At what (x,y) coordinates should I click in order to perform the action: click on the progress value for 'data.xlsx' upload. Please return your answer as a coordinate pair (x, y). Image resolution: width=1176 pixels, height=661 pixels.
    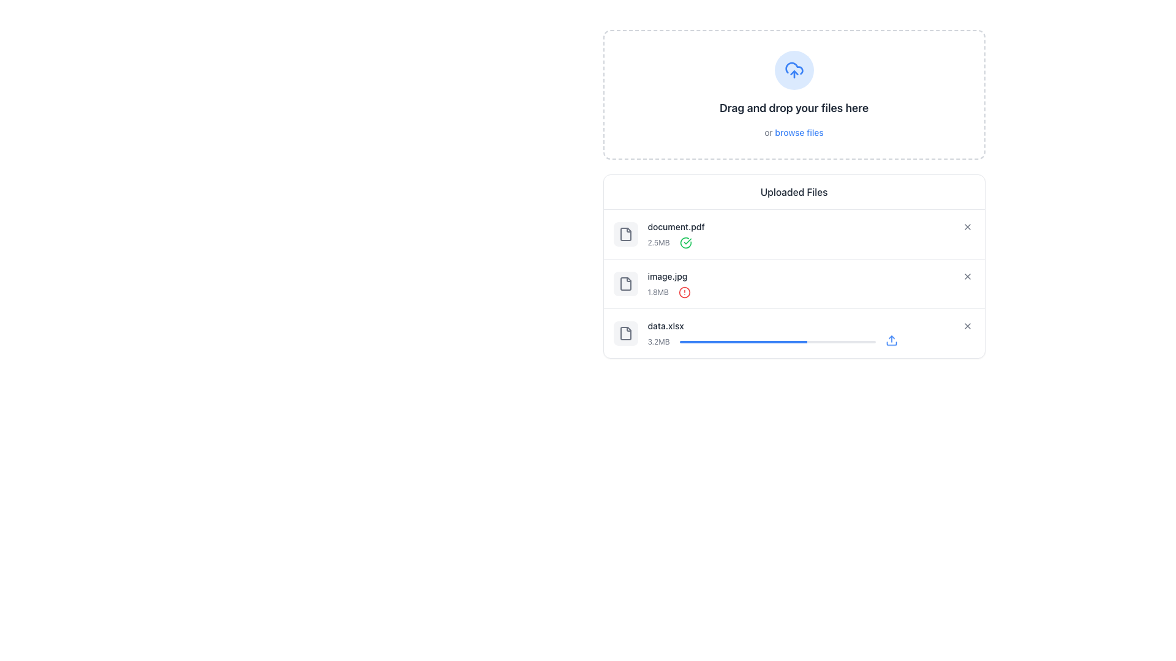
    Looking at the image, I should click on (771, 342).